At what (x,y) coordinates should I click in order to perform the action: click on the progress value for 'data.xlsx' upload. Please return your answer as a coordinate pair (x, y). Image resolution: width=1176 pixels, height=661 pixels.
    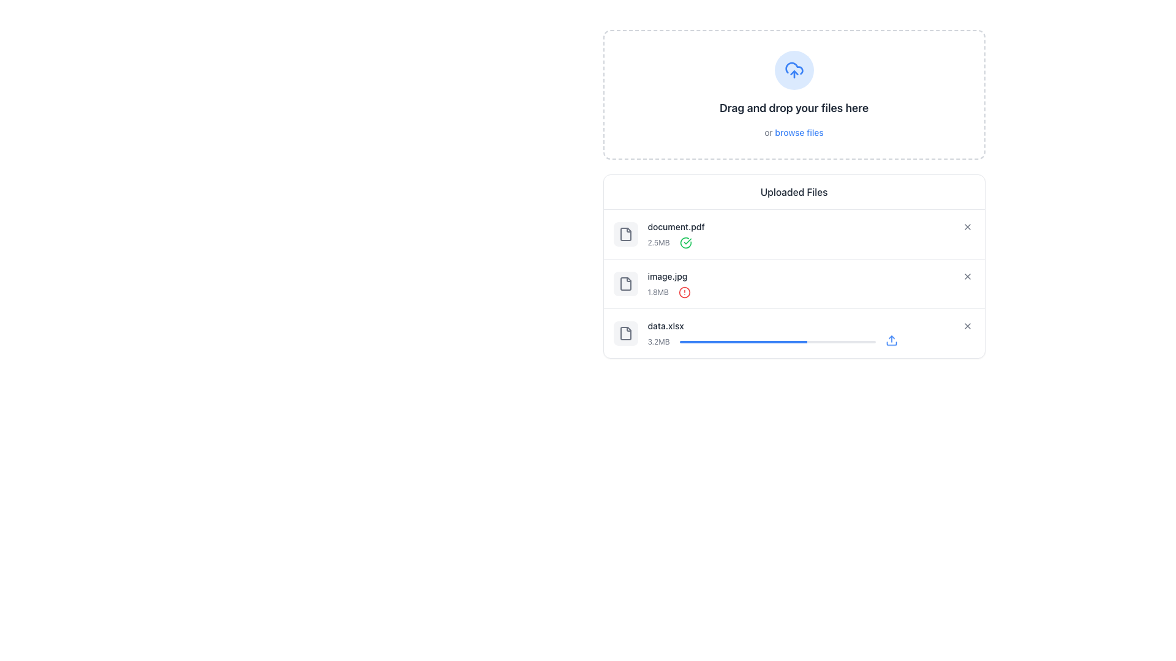
    Looking at the image, I should click on (771, 342).